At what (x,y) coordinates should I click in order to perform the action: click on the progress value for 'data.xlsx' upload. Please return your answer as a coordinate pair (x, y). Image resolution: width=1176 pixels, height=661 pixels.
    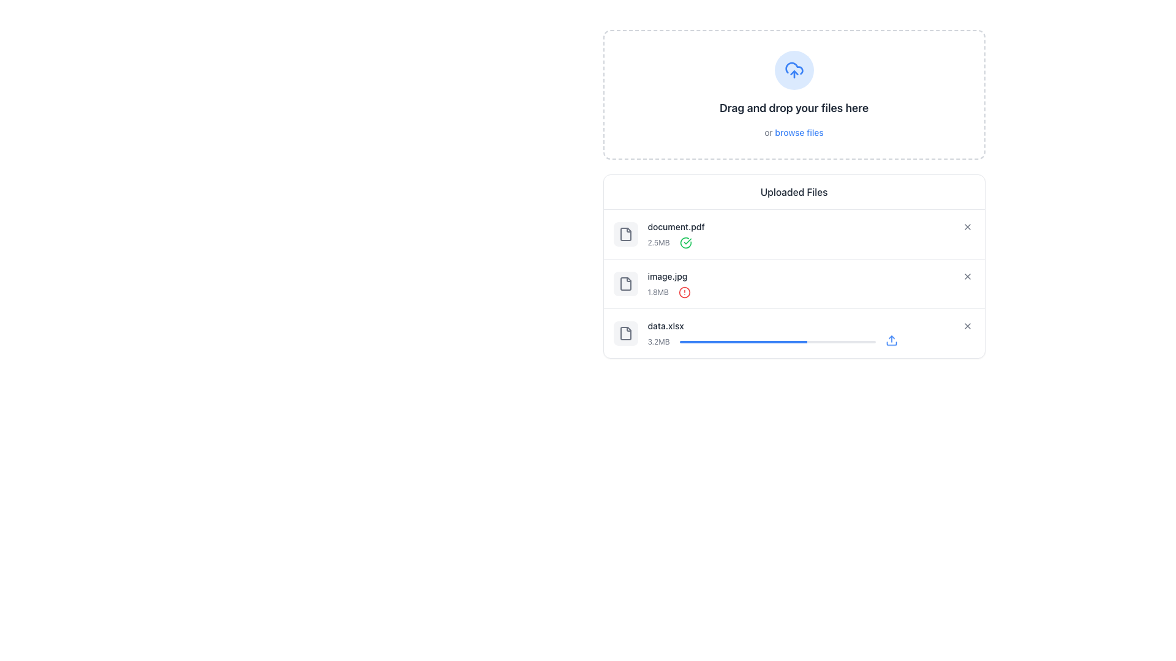
    Looking at the image, I should click on (771, 342).